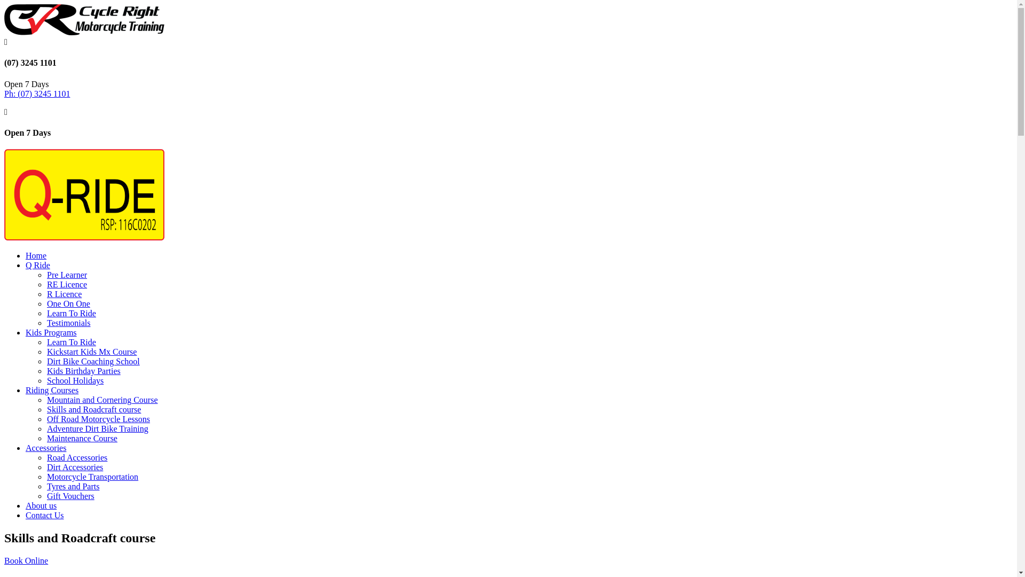  Describe the element at coordinates (45, 448) in the screenshot. I see `'Accessories'` at that location.